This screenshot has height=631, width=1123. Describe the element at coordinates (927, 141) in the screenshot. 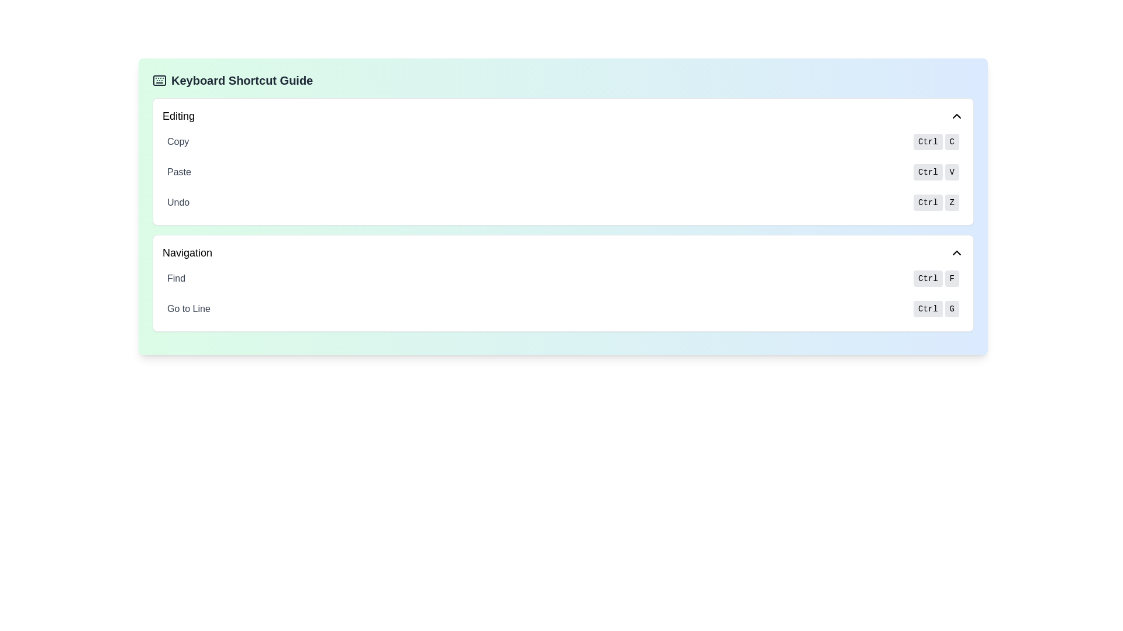

I see `the 'Ctrl' keyboard shortcut label located to the right of the 'Copy' instruction in the Keyboard Shortcut Guide section` at that location.